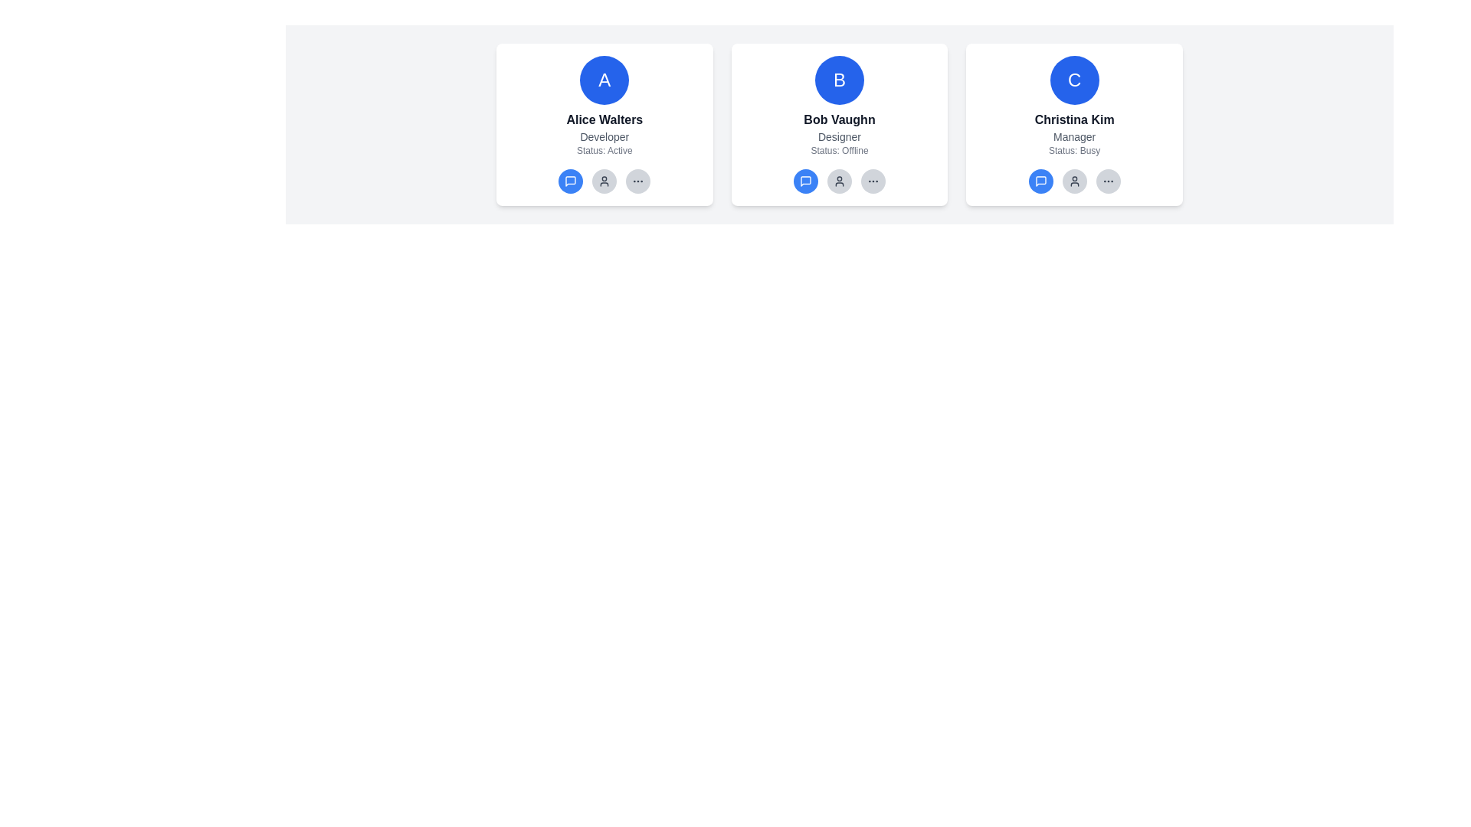  Describe the element at coordinates (1073, 180) in the screenshot. I see `the user-profile management button located on the right side in the row below the profile card labeled 'Christina Kim, Manager, Status: Busy'. It is the second button from the left` at that location.